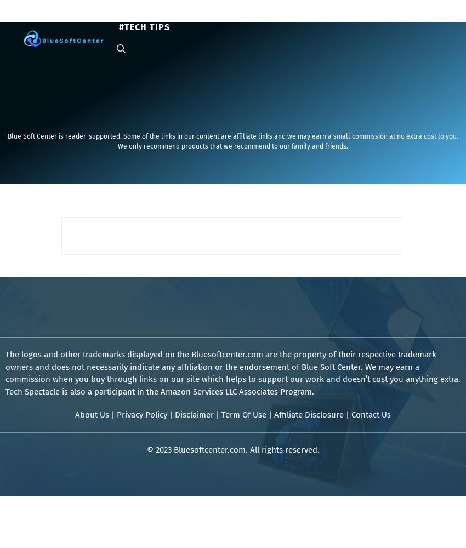 This screenshot has width=466, height=548. I want to click on 'Desktop', so click(236, 16).